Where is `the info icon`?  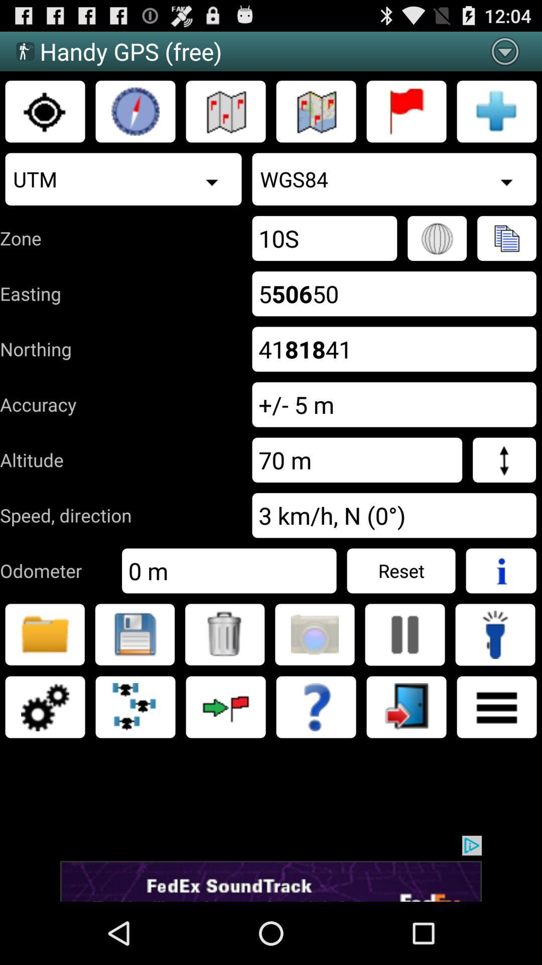
the info icon is located at coordinates (501, 610).